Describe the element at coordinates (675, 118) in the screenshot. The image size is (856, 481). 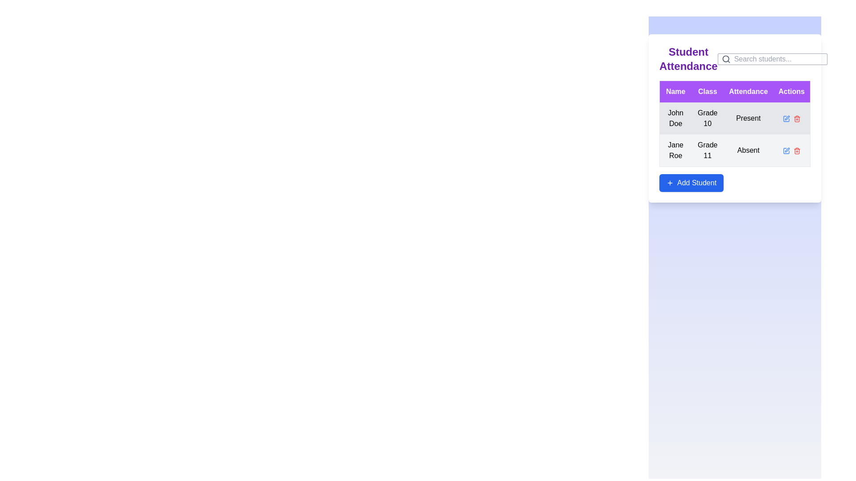
I see `the text label displaying the name 'John Doe' in the first row of the attendance table under the 'Name' column` at that location.